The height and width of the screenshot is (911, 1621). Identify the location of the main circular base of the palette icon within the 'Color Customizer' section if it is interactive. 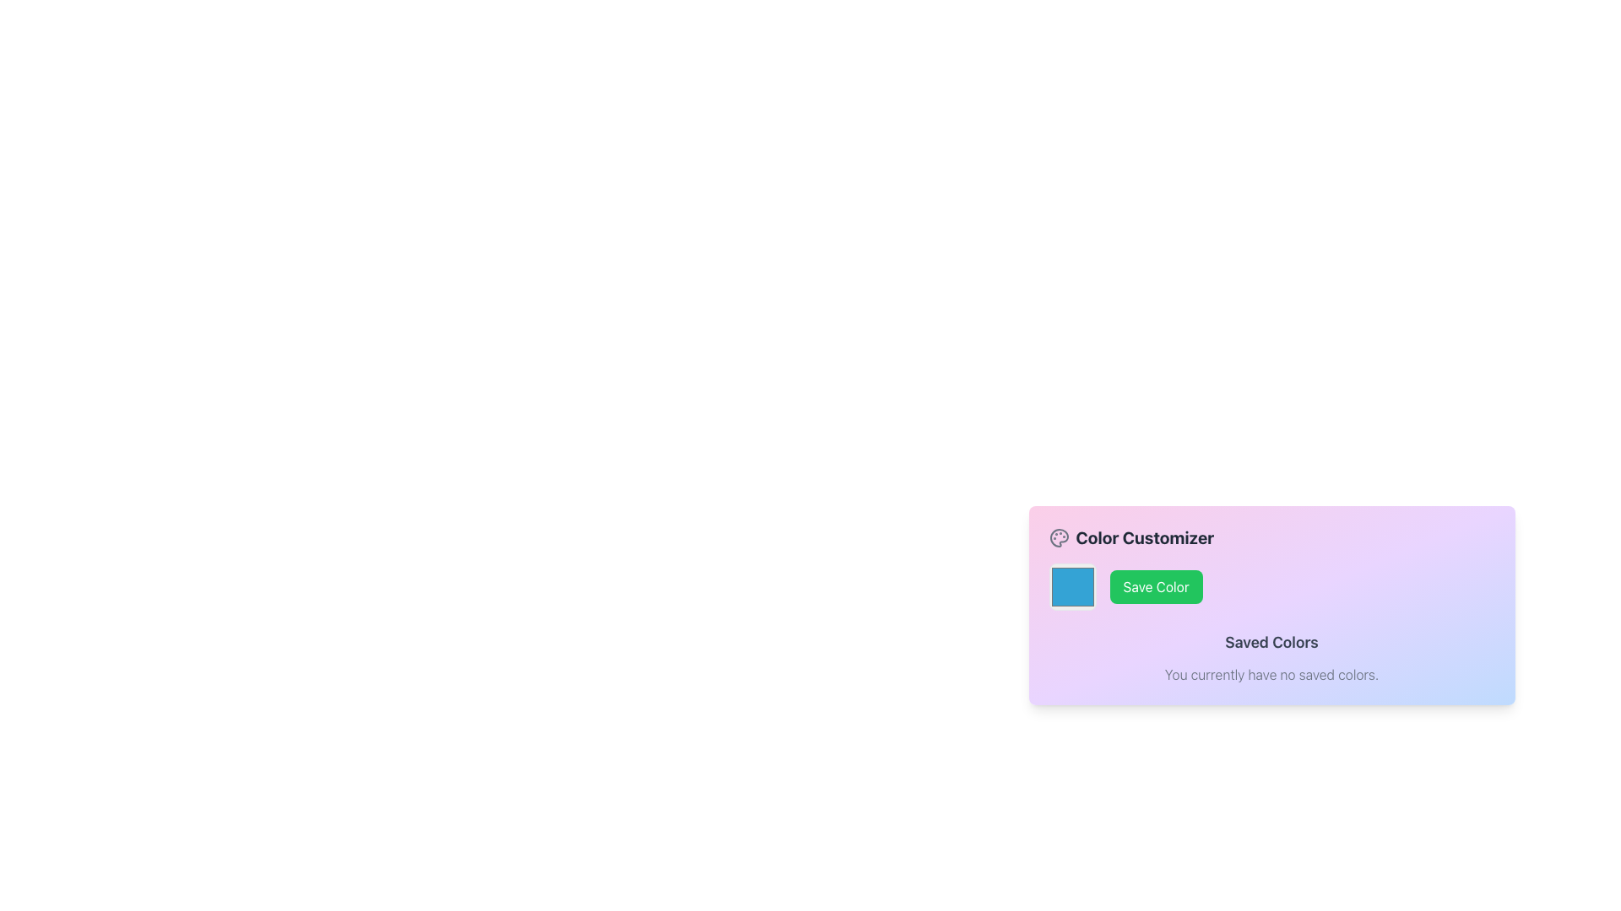
(1058, 537).